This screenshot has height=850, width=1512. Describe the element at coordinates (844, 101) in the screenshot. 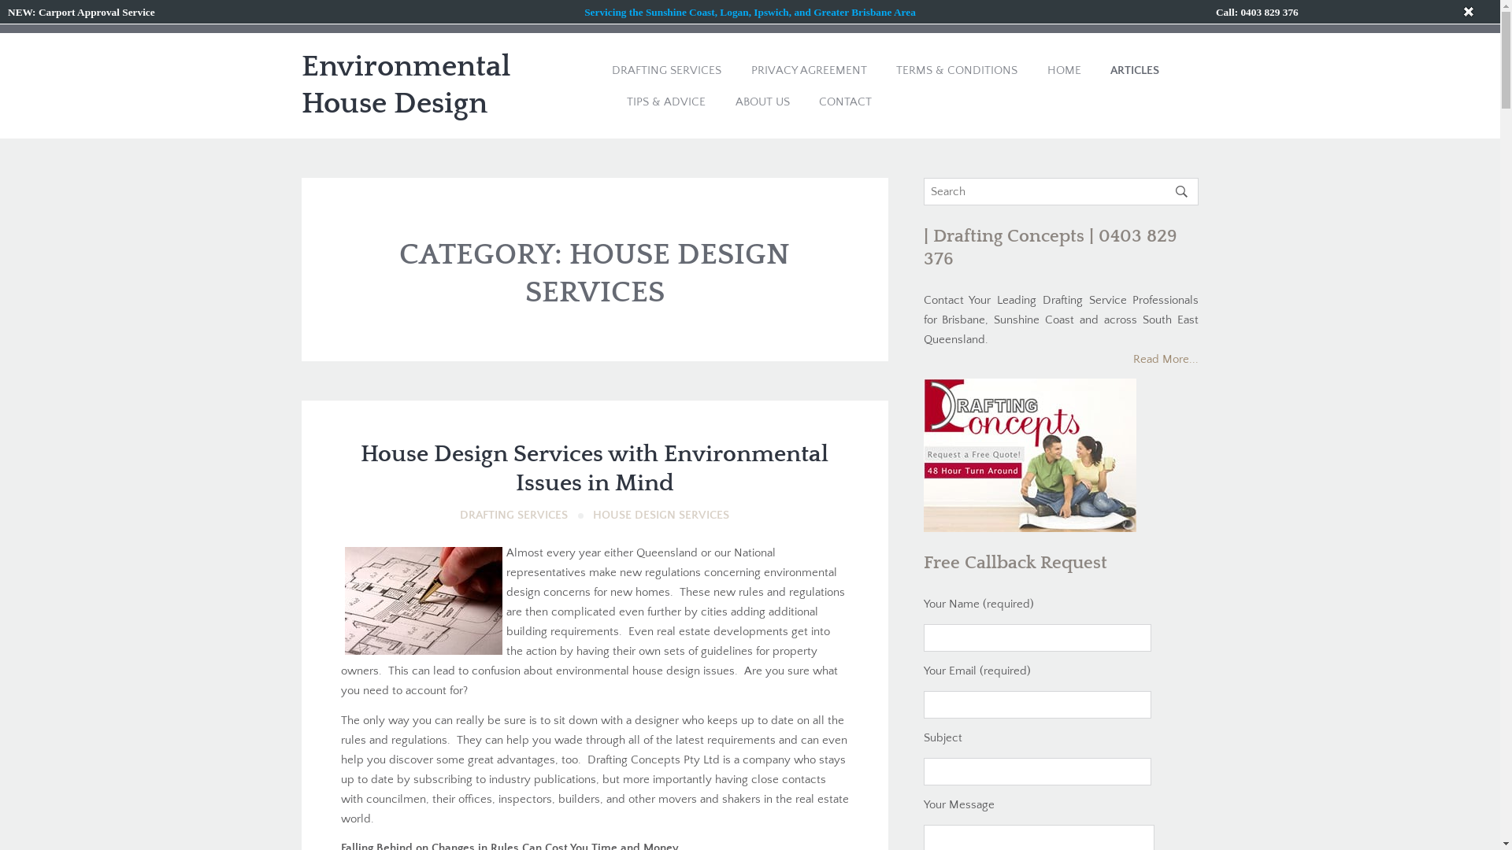

I see `'CONTACT'` at that location.